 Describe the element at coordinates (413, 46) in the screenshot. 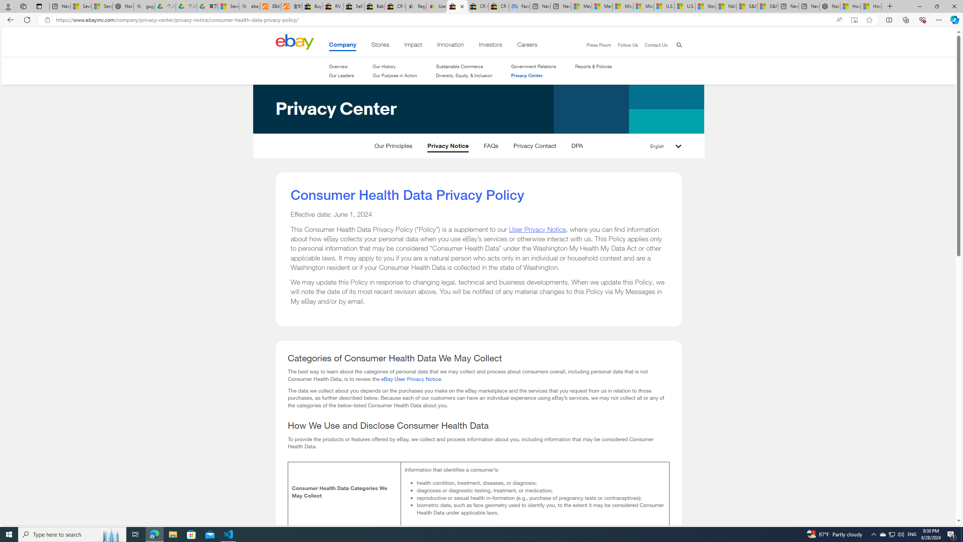

I see `'Impact'` at that location.